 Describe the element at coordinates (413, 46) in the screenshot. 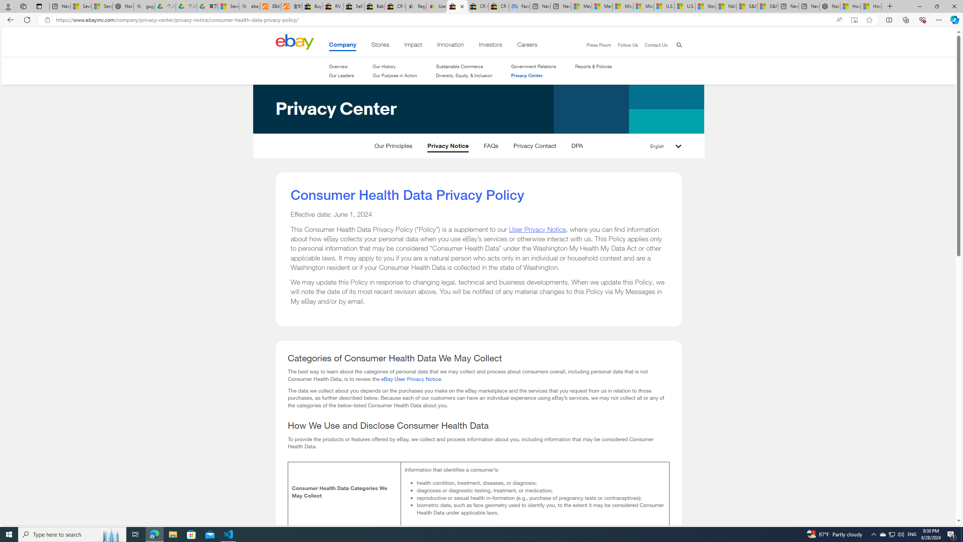

I see `'Impact'` at that location.